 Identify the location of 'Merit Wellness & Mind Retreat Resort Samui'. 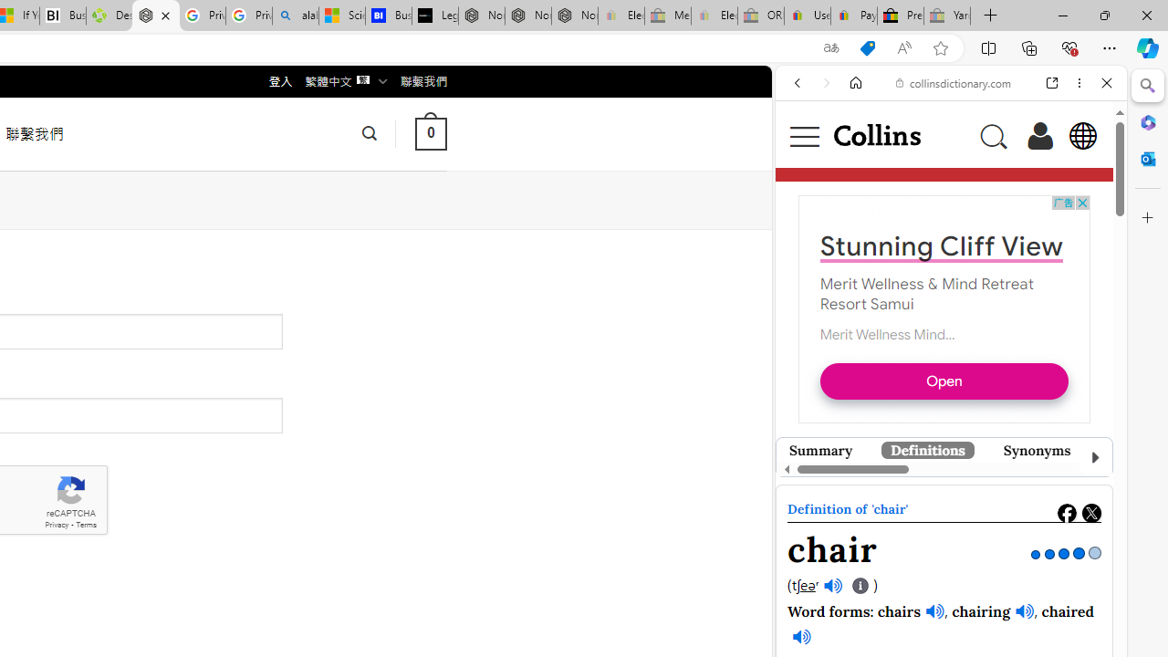
(927, 293).